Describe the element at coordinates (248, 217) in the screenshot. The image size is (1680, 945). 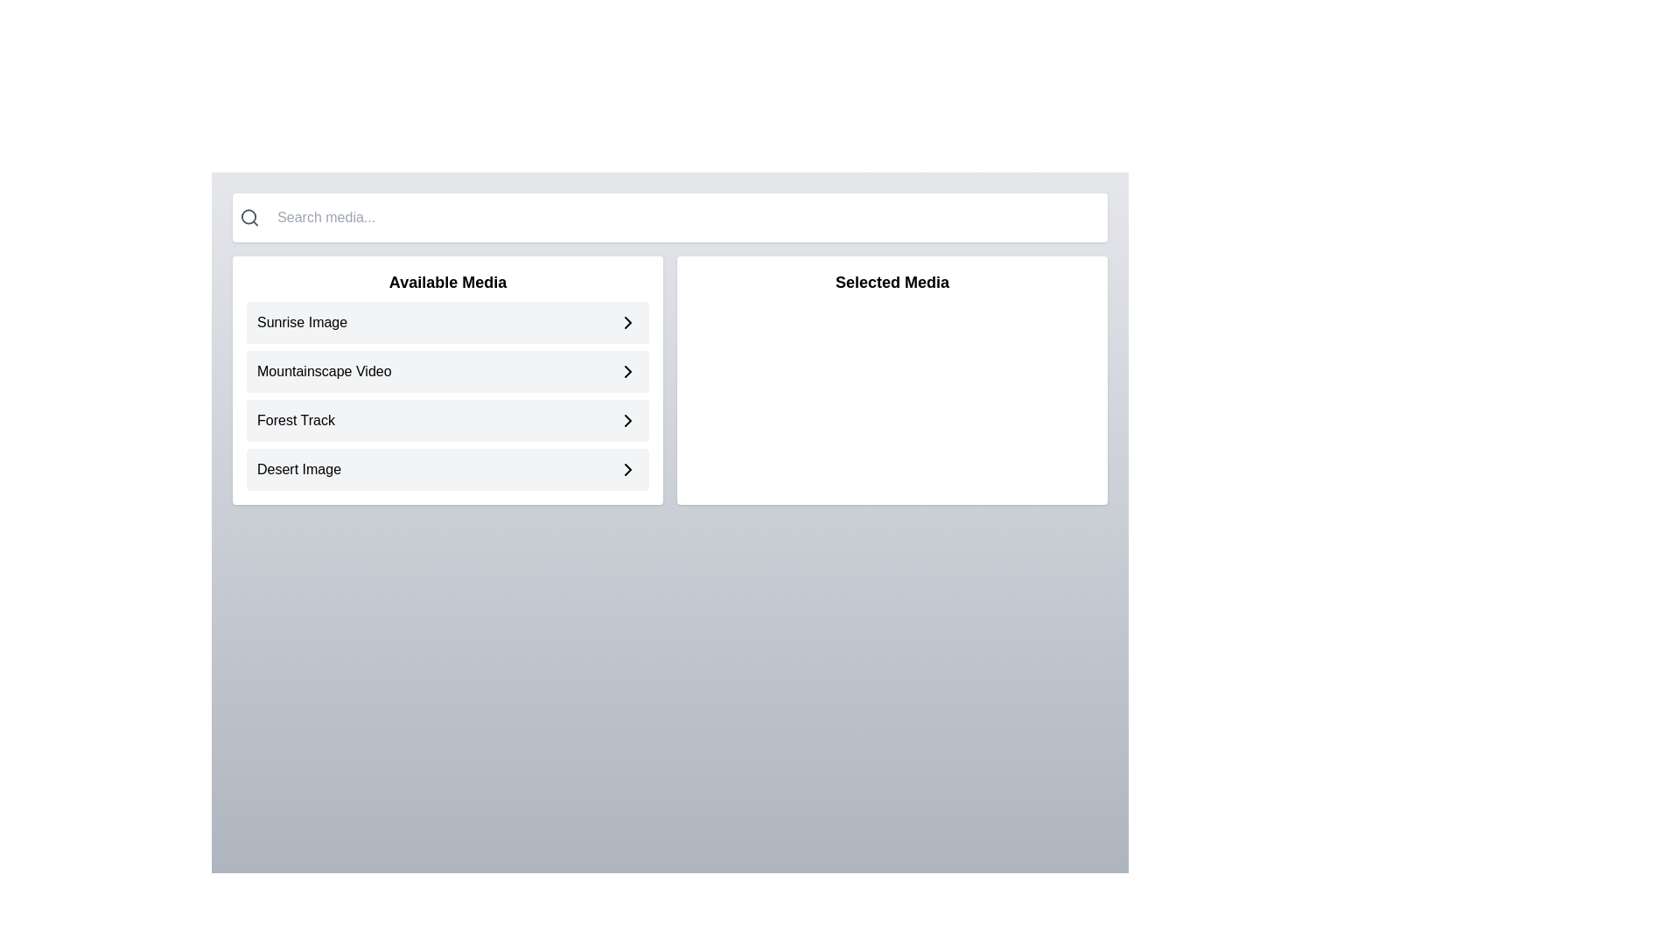
I see `the search icon, which is a magnifying glass with a black outline, located to the left of the text input field with the placeholder 'Search media...', to initiate a search` at that location.